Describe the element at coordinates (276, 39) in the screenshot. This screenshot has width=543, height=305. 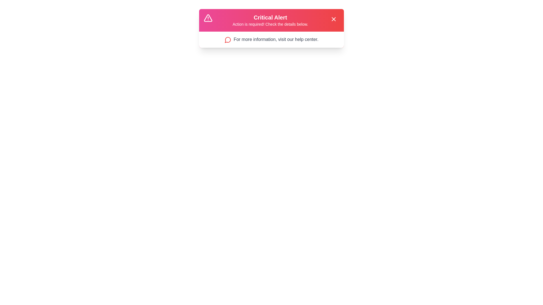
I see `the link 'For more information, visit our help center.' in the alert` at that location.